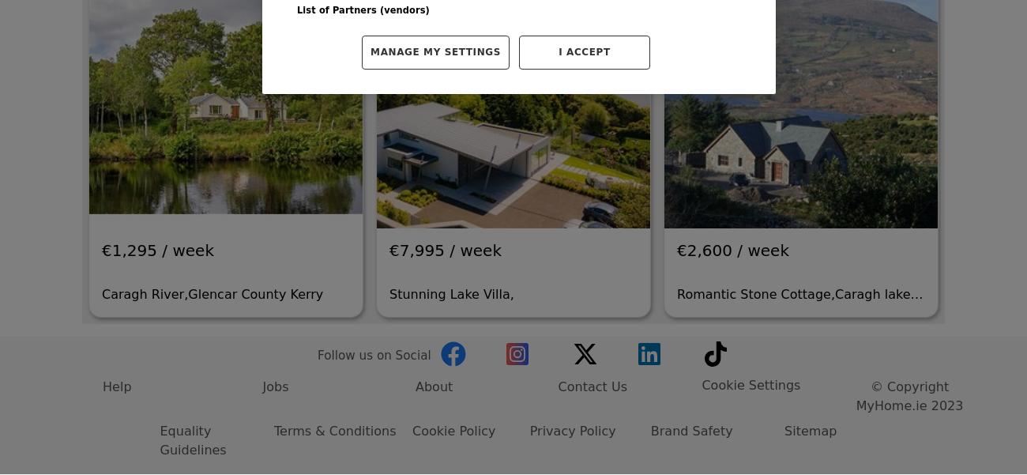  I want to click on 'Sitemap', so click(809, 271).